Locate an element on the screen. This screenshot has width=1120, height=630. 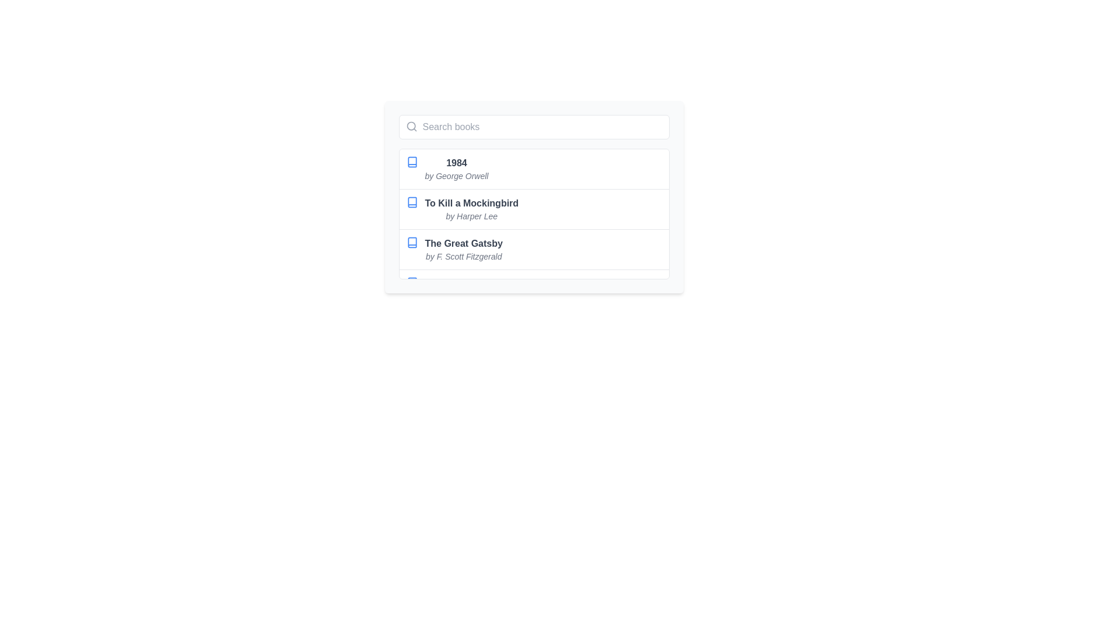
the decorative icon representing the book entry for '1984 by George Orwell', located at the leftmost side of the entry is located at coordinates (412, 162).